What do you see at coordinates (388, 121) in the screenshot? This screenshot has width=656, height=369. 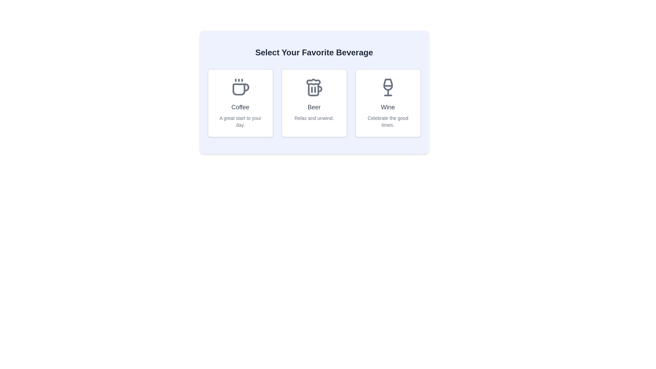 I see `the tagline text that provides additional information about the 'Wine' option, which is located below the title 'Wine' in the third card of the selection interface` at bounding box center [388, 121].